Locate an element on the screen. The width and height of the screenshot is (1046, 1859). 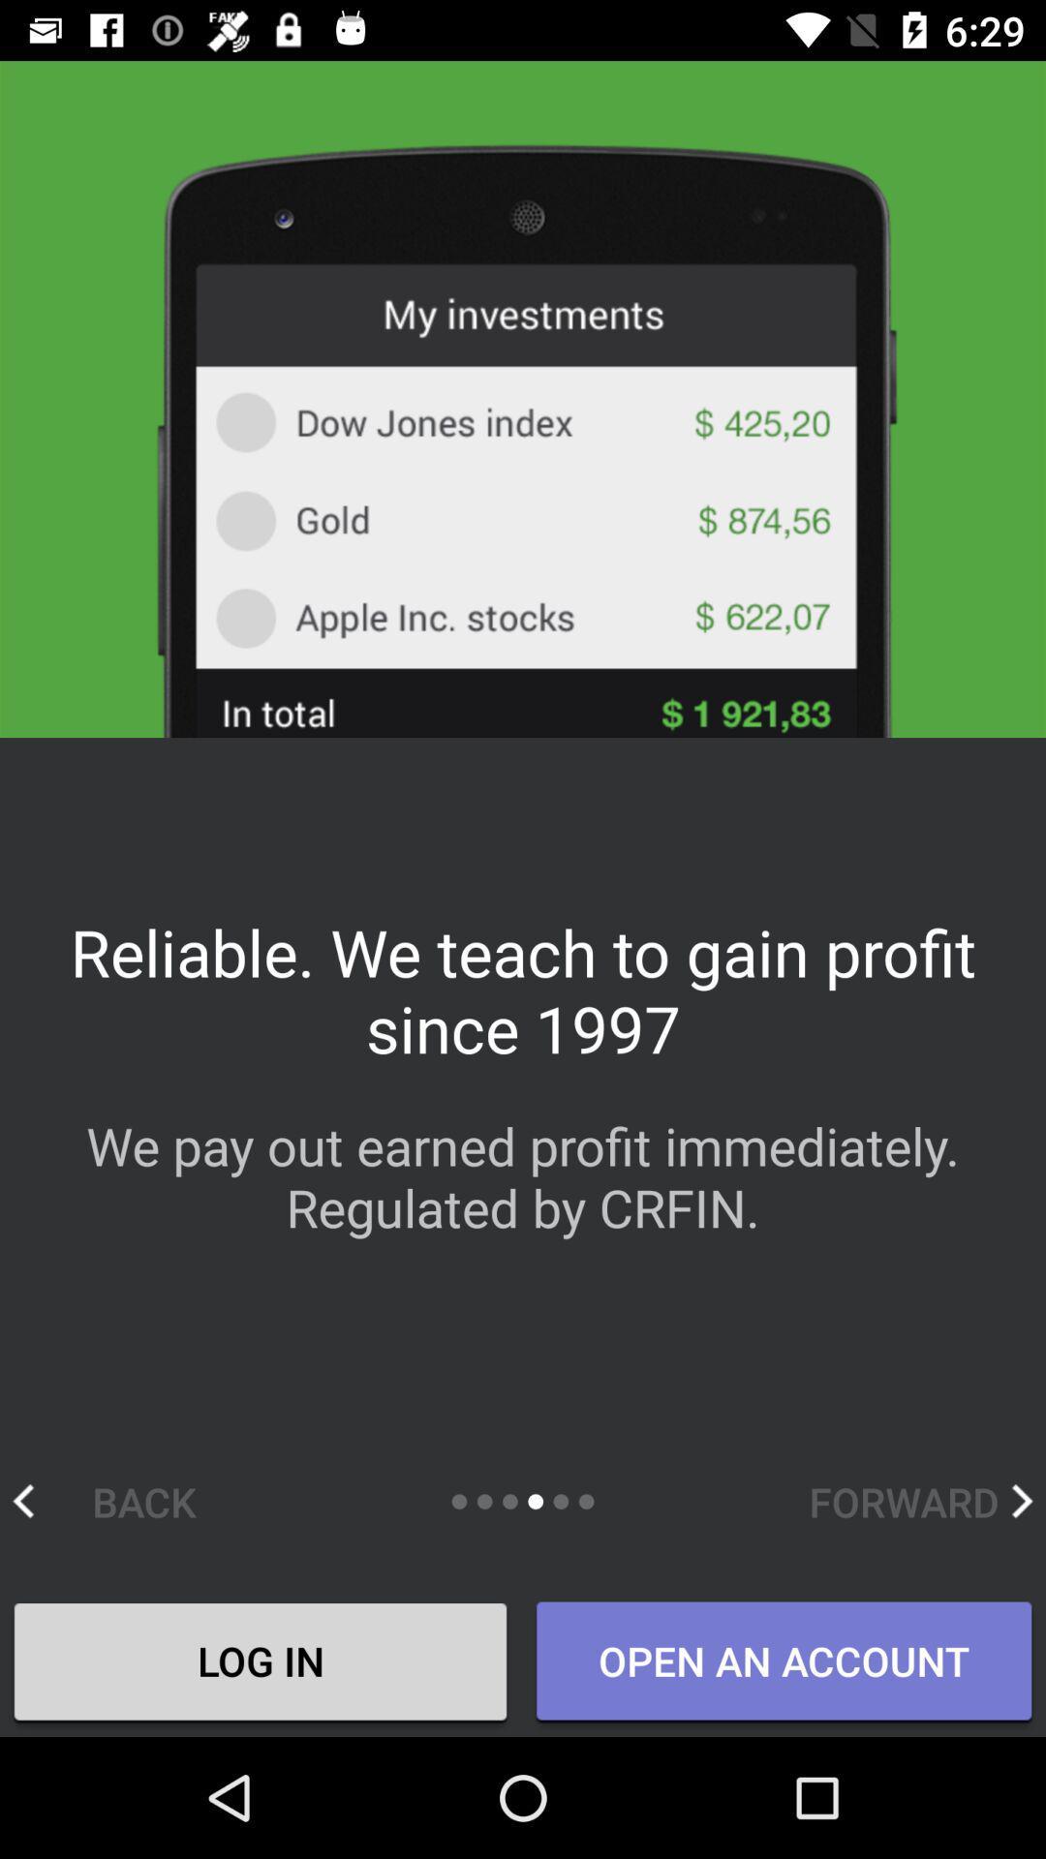
icon below we pay out item is located at coordinates (124, 1500).